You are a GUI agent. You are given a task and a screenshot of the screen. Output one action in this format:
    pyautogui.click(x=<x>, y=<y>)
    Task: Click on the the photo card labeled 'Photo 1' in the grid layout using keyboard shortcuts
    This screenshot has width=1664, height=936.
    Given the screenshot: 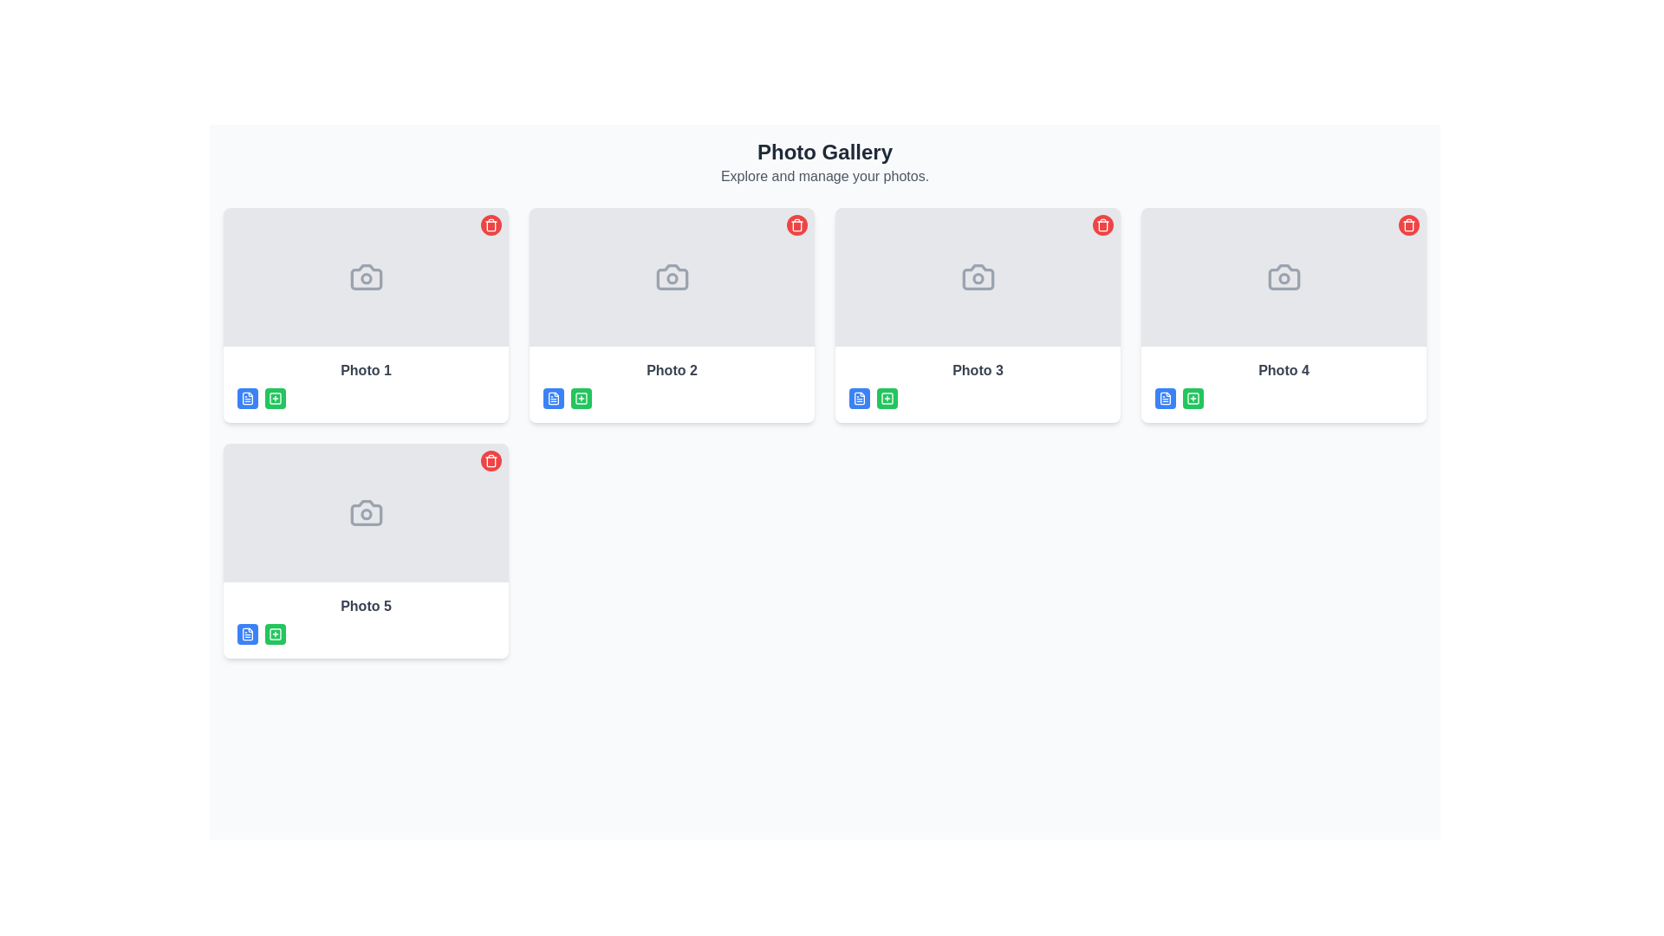 What is the action you would take?
    pyautogui.click(x=365, y=383)
    